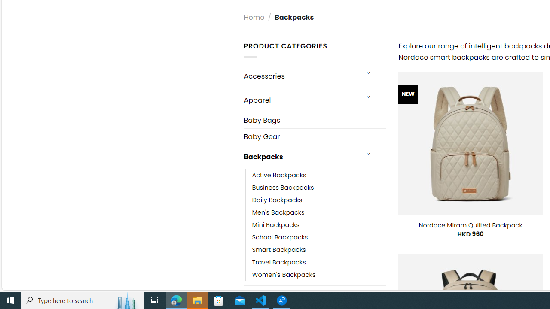 This screenshot has width=550, height=309. What do you see at coordinates (283, 187) in the screenshot?
I see `'Business Backpacks'` at bounding box center [283, 187].